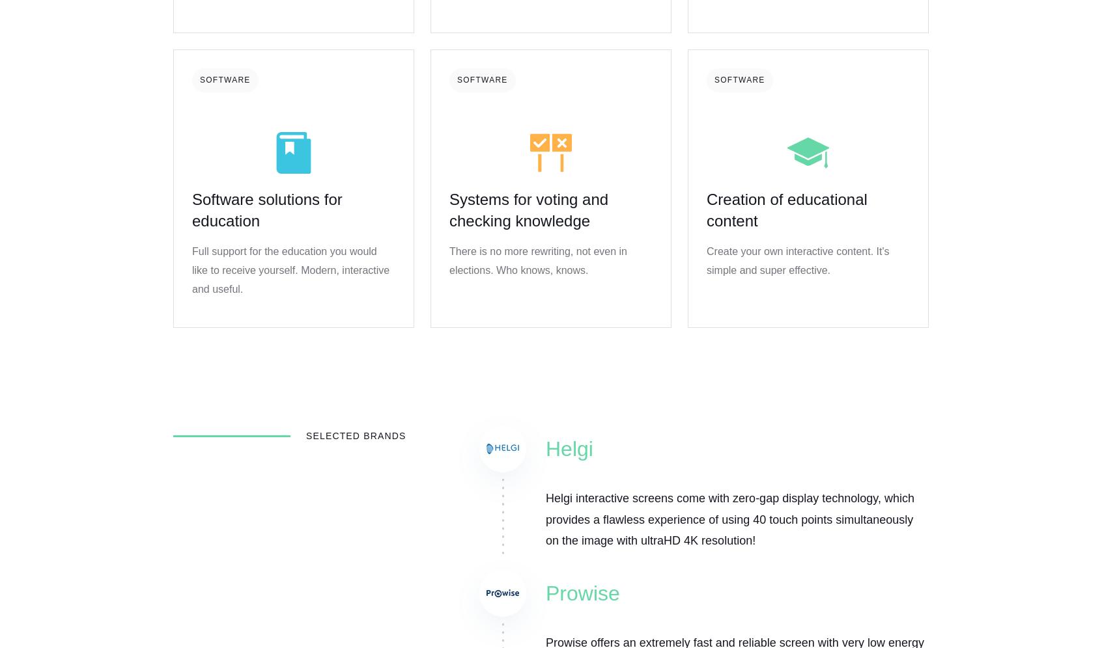 The width and height of the screenshot is (1102, 648). I want to click on 'Create your own interactive content. It's simple and super effective.', so click(707, 260).